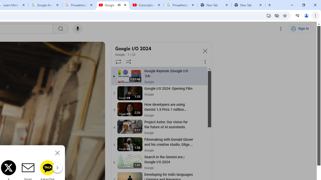  Describe the element at coordinates (128, 61) in the screenshot. I see `'Shuffle playlist'` at that location.